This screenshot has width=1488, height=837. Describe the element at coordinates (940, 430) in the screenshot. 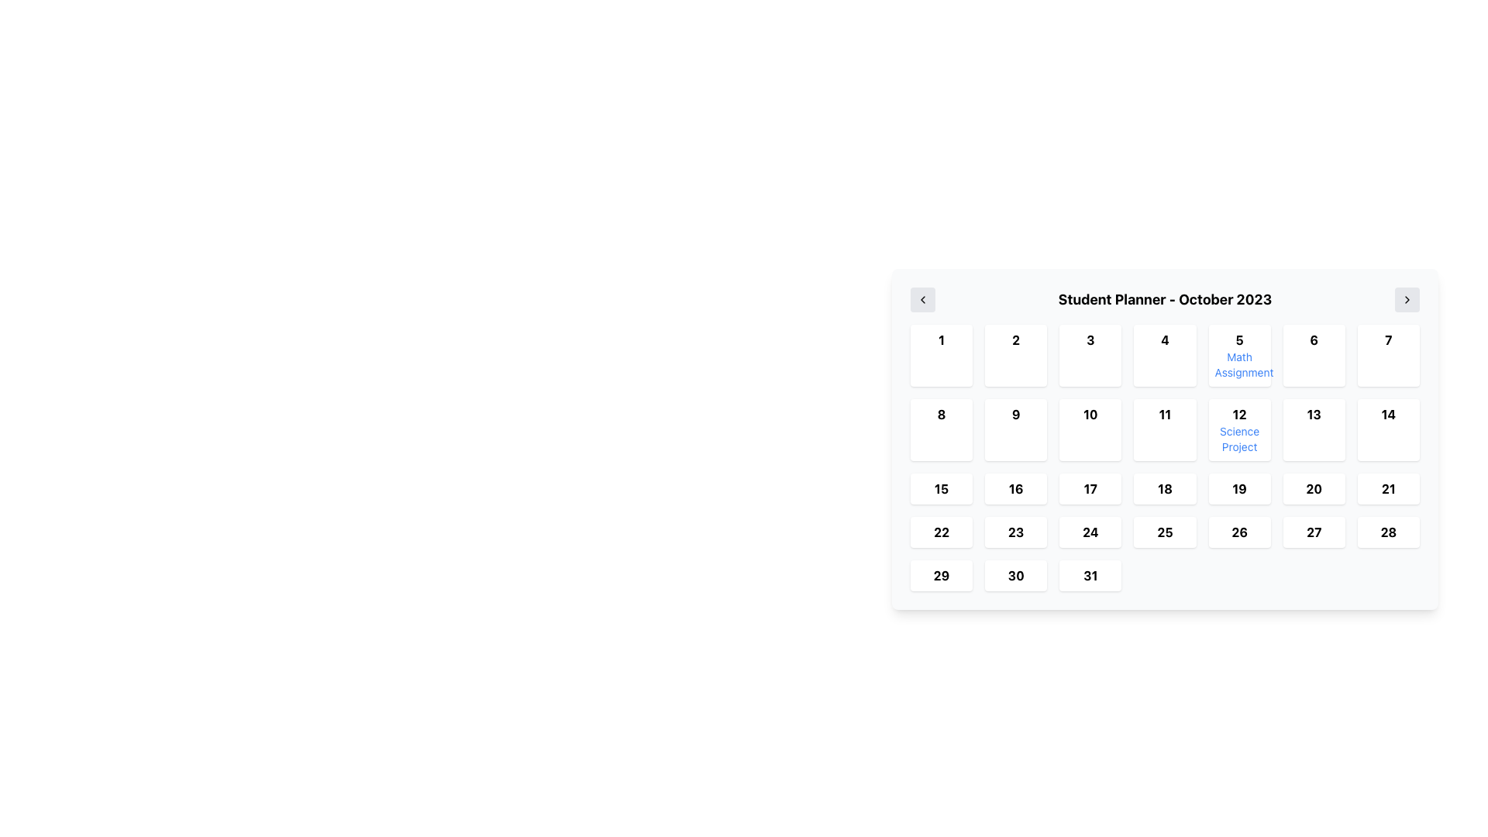

I see `the small square-shaped Calendar day box with the bold number '8' centered inside` at that location.